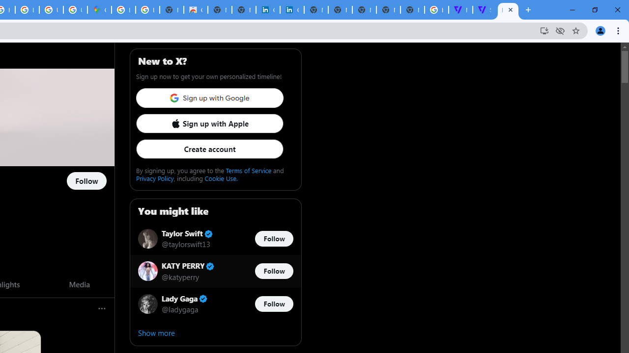 The height and width of the screenshot is (353, 629). I want to click on 'Sign up with Apple', so click(209, 123).